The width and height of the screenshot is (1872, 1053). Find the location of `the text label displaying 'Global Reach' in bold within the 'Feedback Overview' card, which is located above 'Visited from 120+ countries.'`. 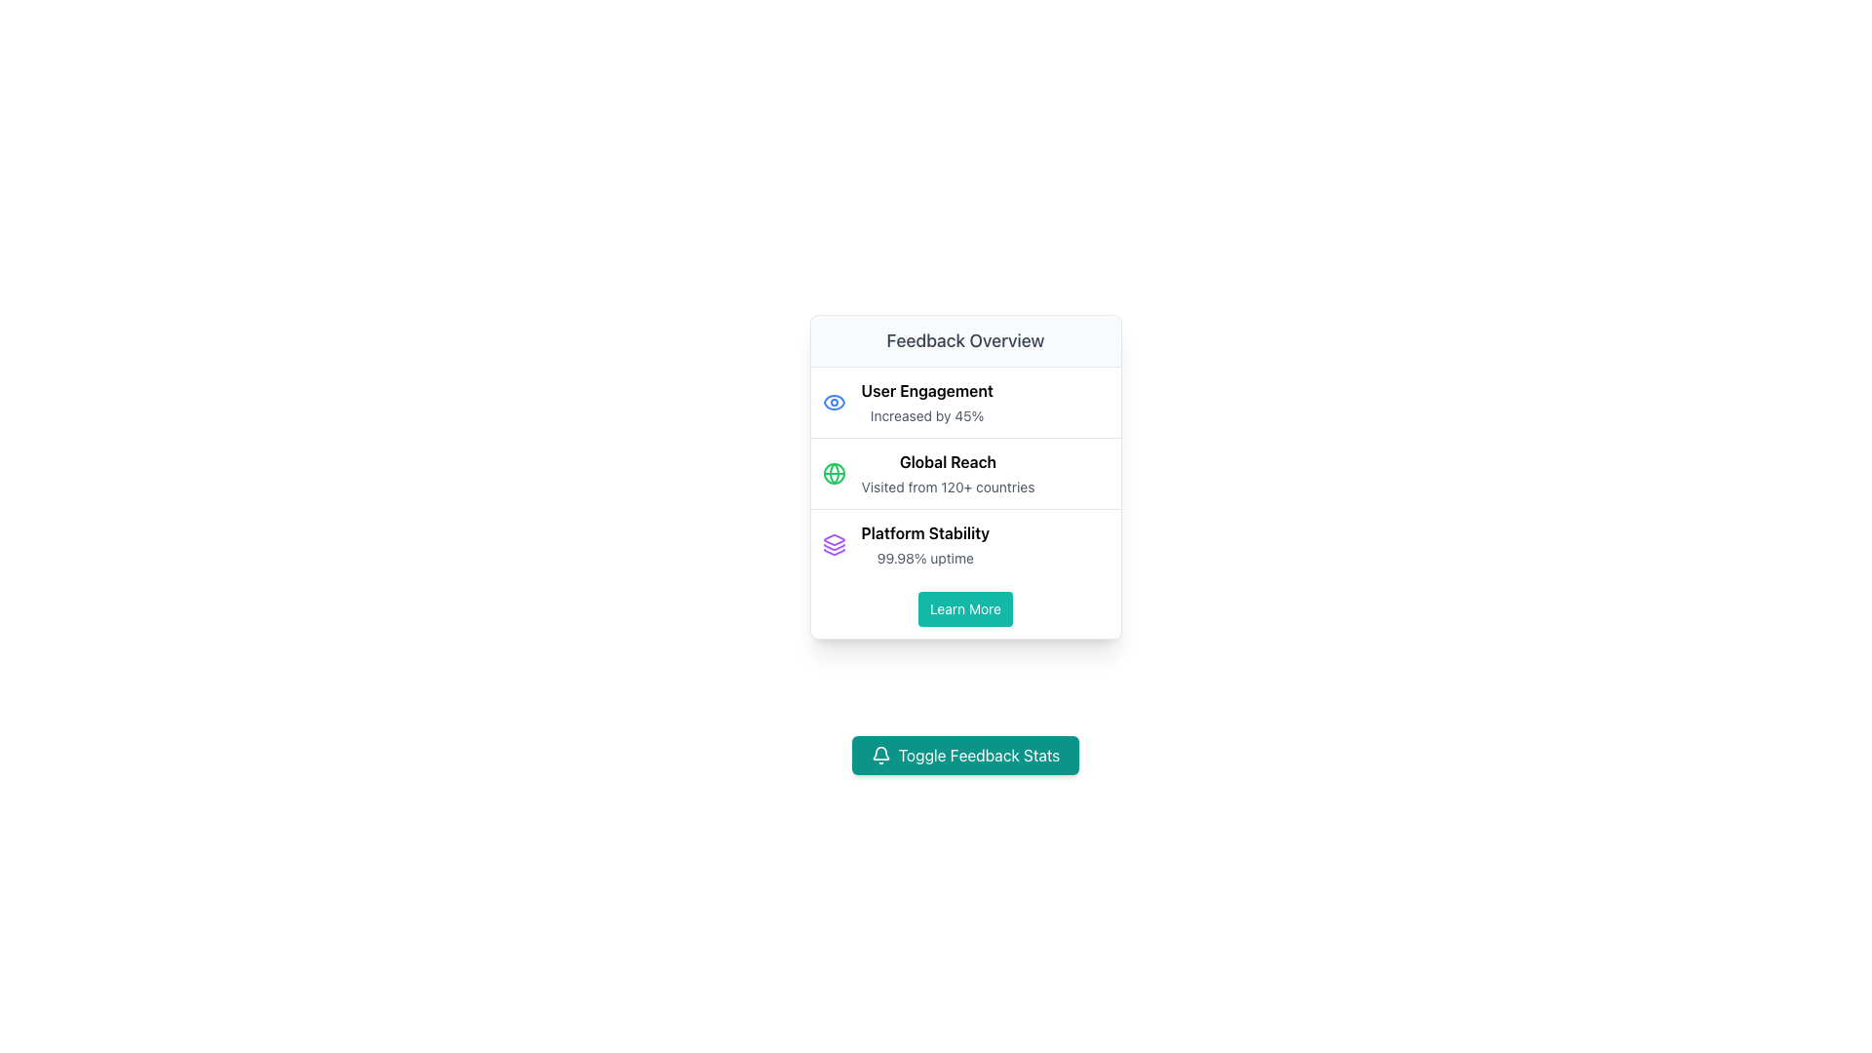

the text label displaying 'Global Reach' in bold within the 'Feedback Overview' card, which is located above 'Visited from 120+ countries.' is located at coordinates (948, 462).